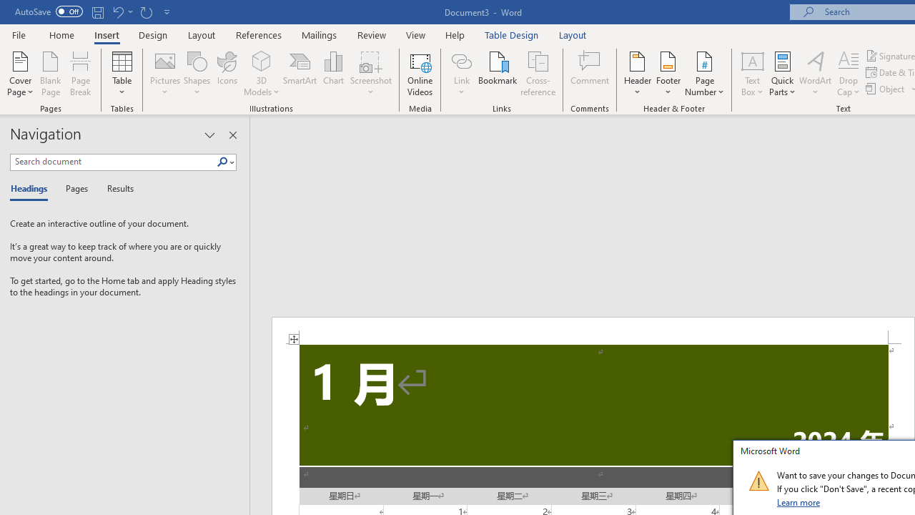  Describe the element at coordinates (751, 74) in the screenshot. I see `'Text Box'` at that location.